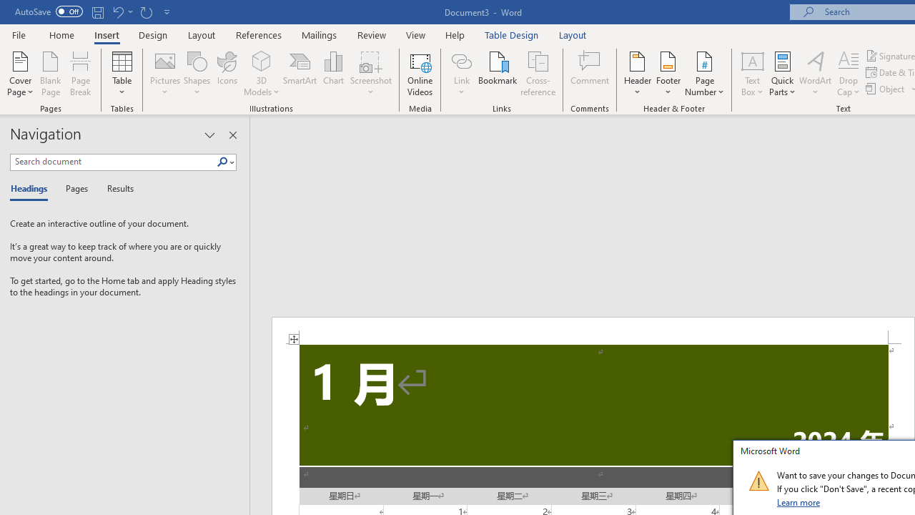  Describe the element at coordinates (751, 74) in the screenshot. I see `'Text Box'` at that location.